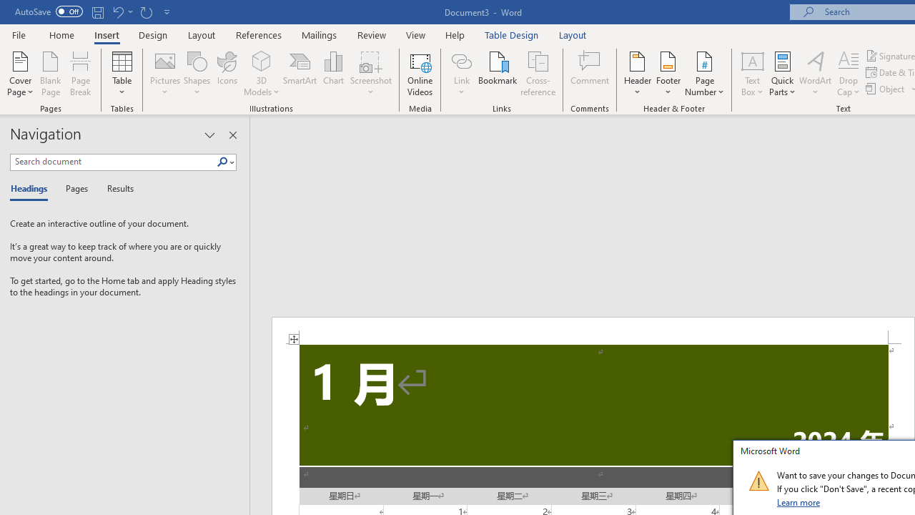  Describe the element at coordinates (751, 74) in the screenshot. I see `'Text Box'` at that location.